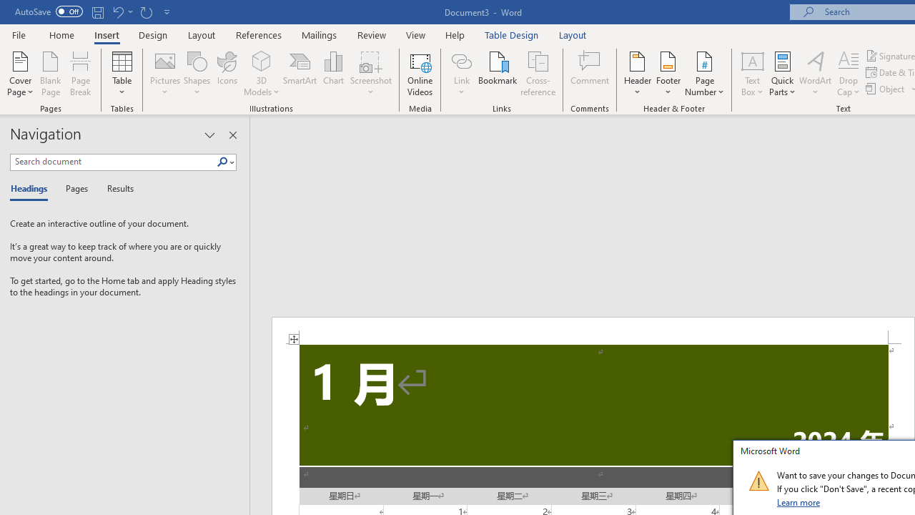  Describe the element at coordinates (751, 74) in the screenshot. I see `'Text Box'` at that location.